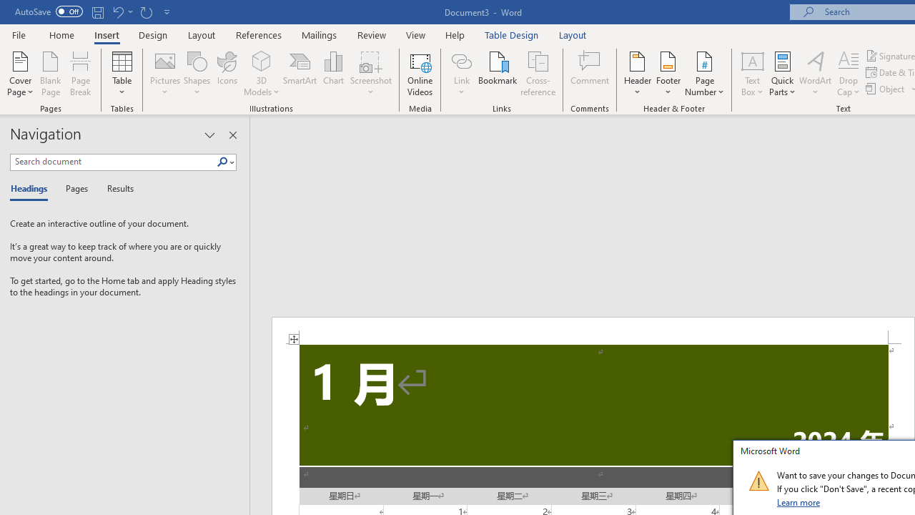  Describe the element at coordinates (751, 74) in the screenshot. I see `'Text Box'` at that location.